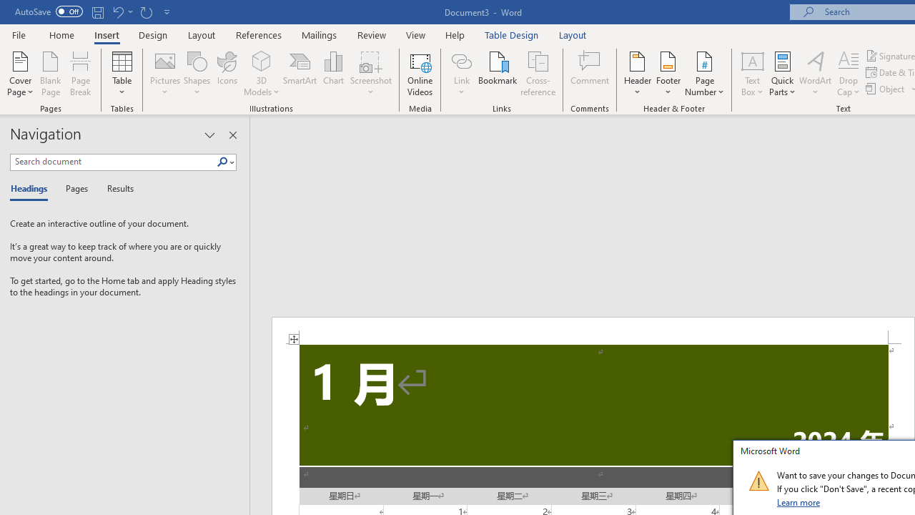  Describe the element at coordinates (751, 74) in the screenshot. I see `'Text Box'` at that location.